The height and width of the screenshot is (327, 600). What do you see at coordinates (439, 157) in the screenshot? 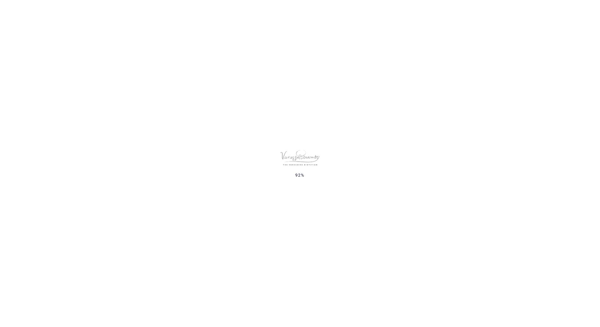
I see `'Vitamin D – Are You Getting Enough?'` at bounding box center [439, 157].